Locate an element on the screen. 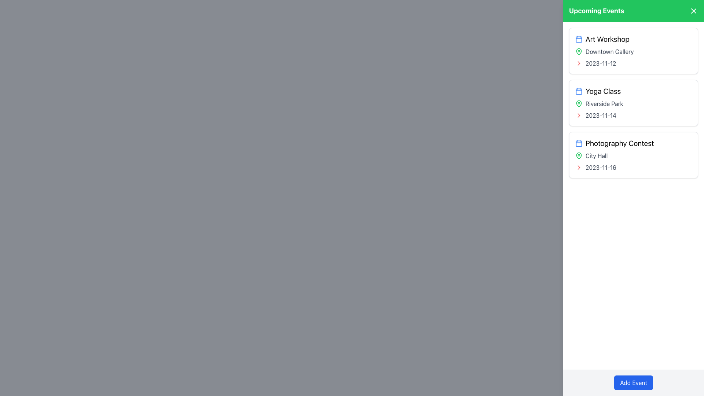 The image size is (704, 396). the decorative rectangle with rounded corners inside the blue calendar icon next to the 'Art Workshop' event title in the Upcoming Events list is located at coordinates (579, 39).